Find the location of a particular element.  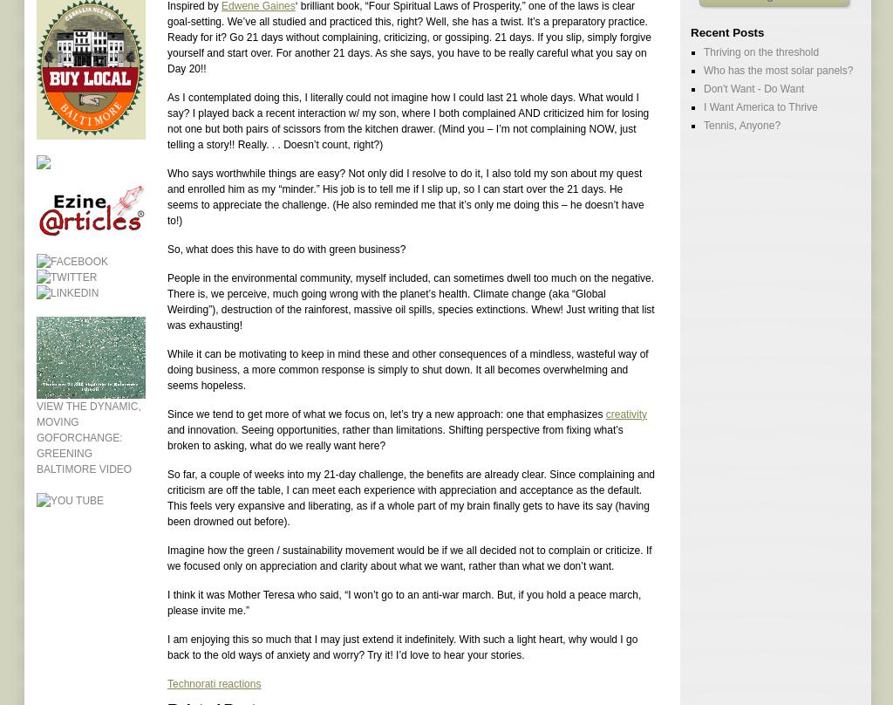

'Since we tend to get more of what we focus on, let’s try a new approach: one that emphasizes' is located at coordinates (167, 413).